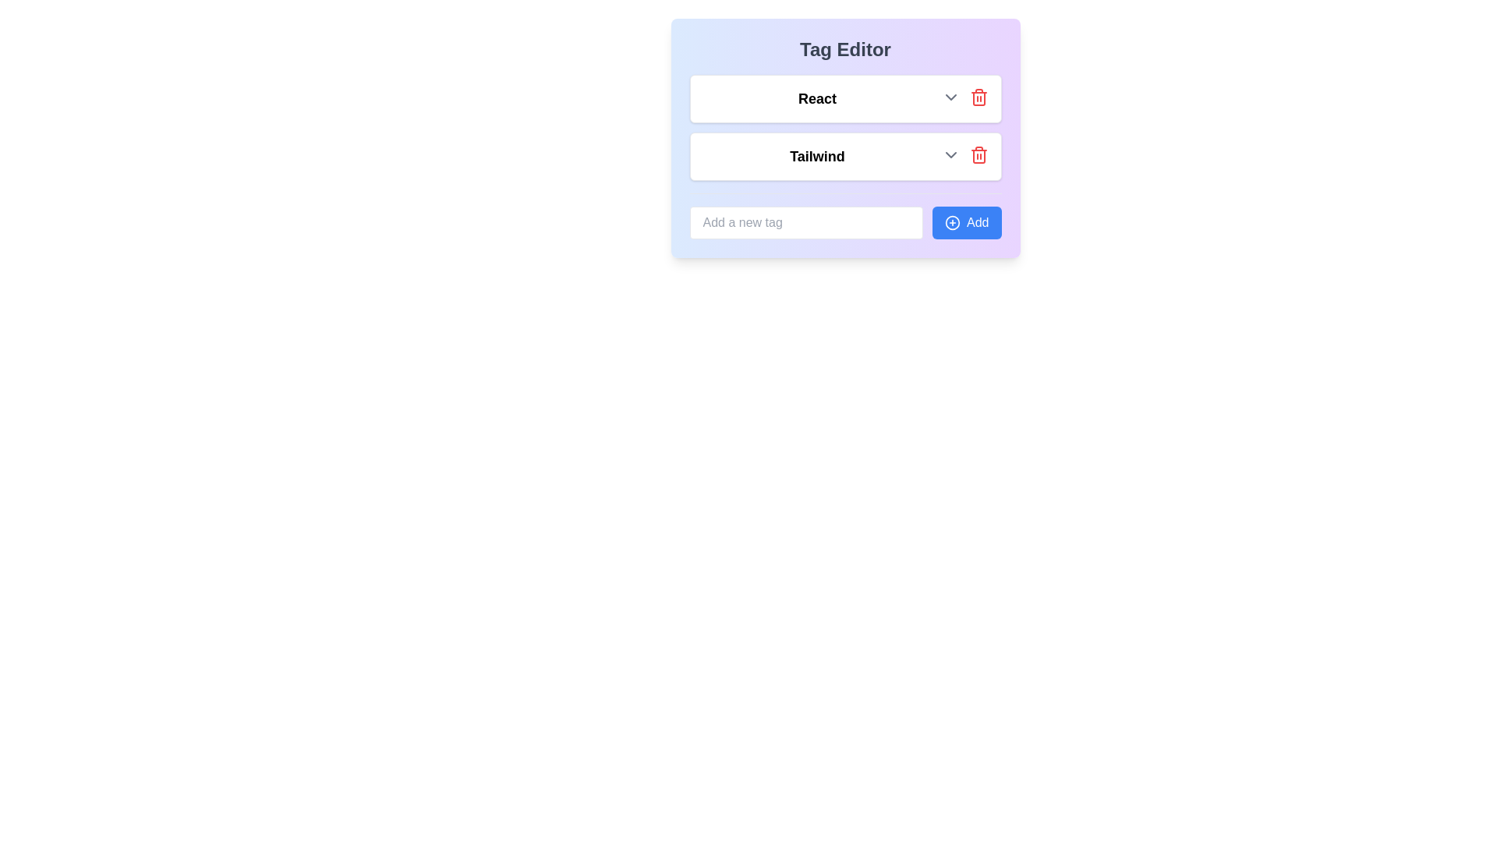  I want to click on the circular SVG element that forms the outer border of the plus icon used for addition actions, located next to the 'Add' button in the lower-right corner of the 'Tag Editor' section, so click(952, 222).